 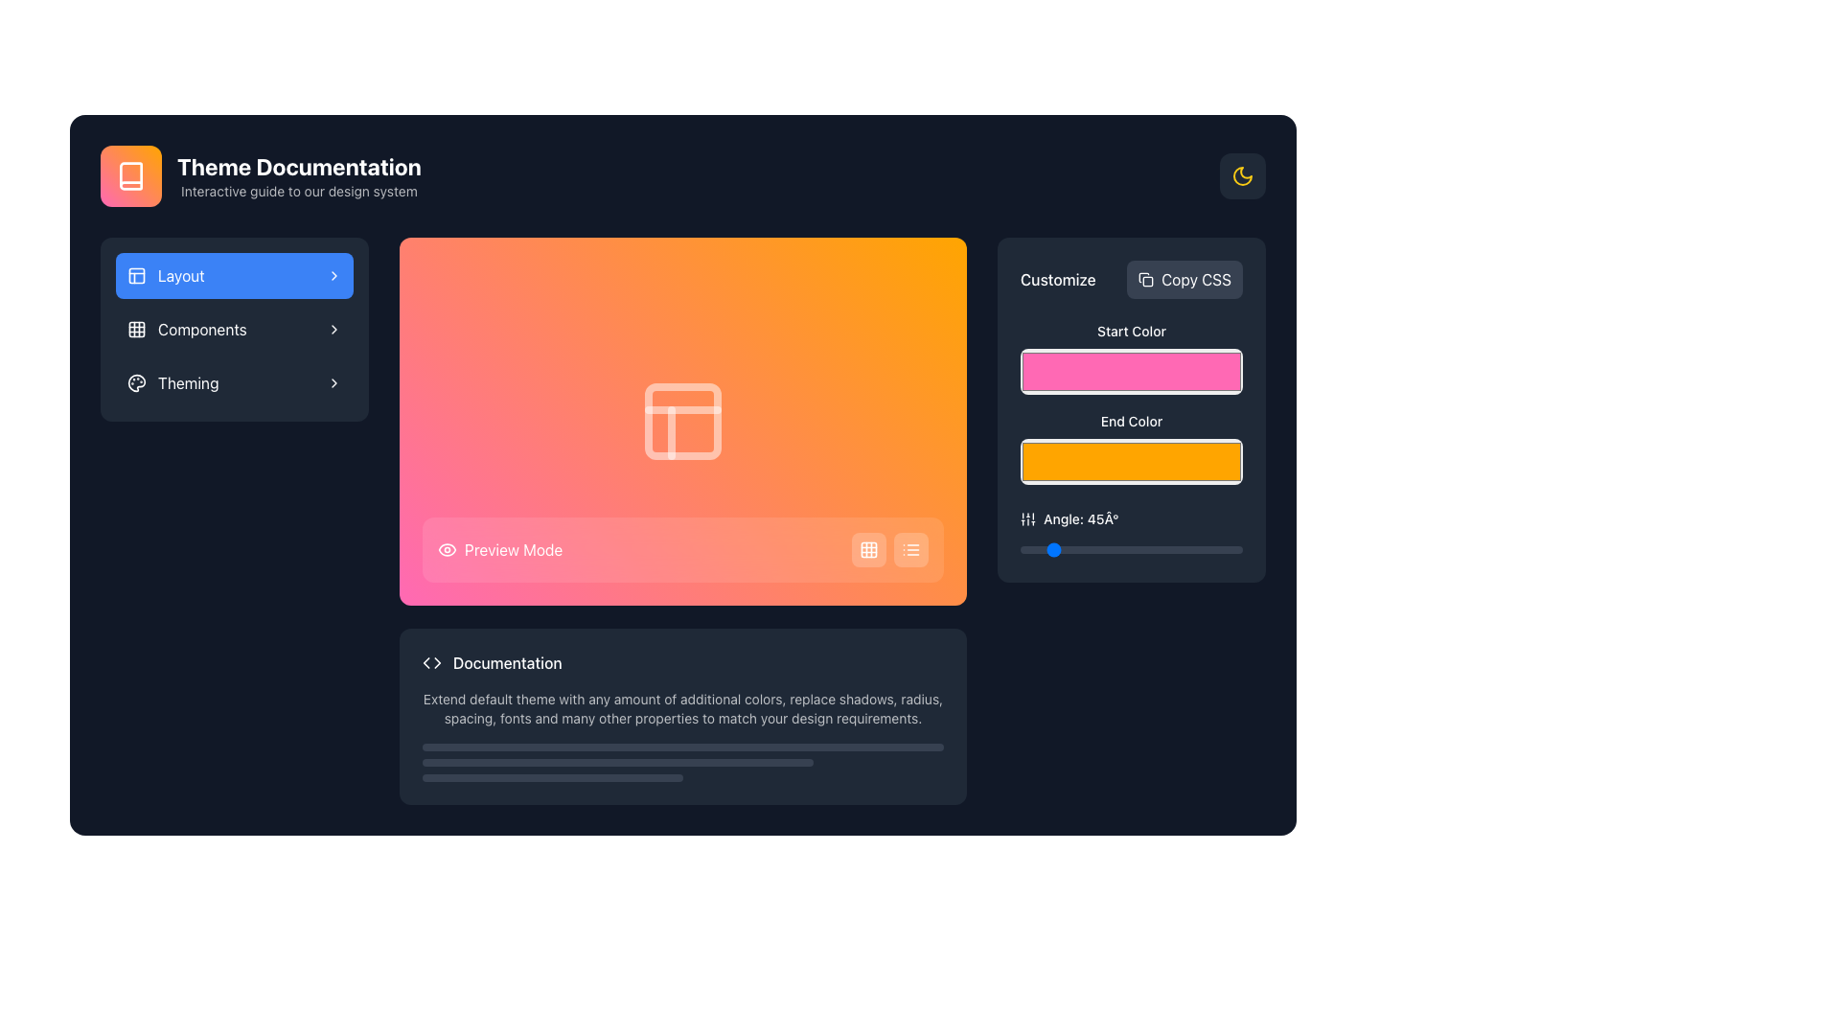 What do you see at coordinates (334, 328) in the screenshot?
I see `the right-pointing chevron icon in the 'Components' menu` at bounding box center [334, 328].